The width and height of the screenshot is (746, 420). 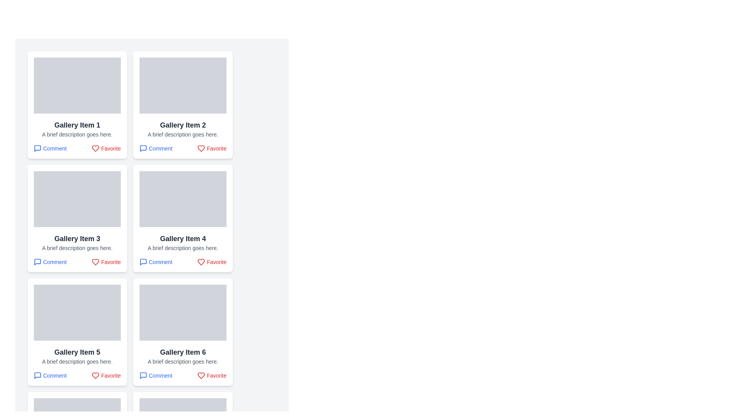 What do you see at coordinates (37, 375) in the screenshot?
I see `the commenting icon for 'Gallery Item 5', which is located at the bottom-left corner of the card, next to the 'Favorite' heart icon` at bounding box center [37, 375].